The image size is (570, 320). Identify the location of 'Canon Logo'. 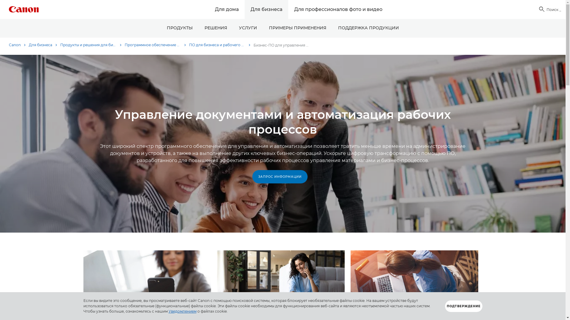
(9, 9).